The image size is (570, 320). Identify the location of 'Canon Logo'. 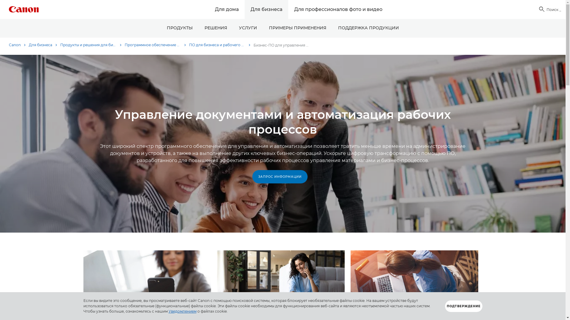
(9, 9).